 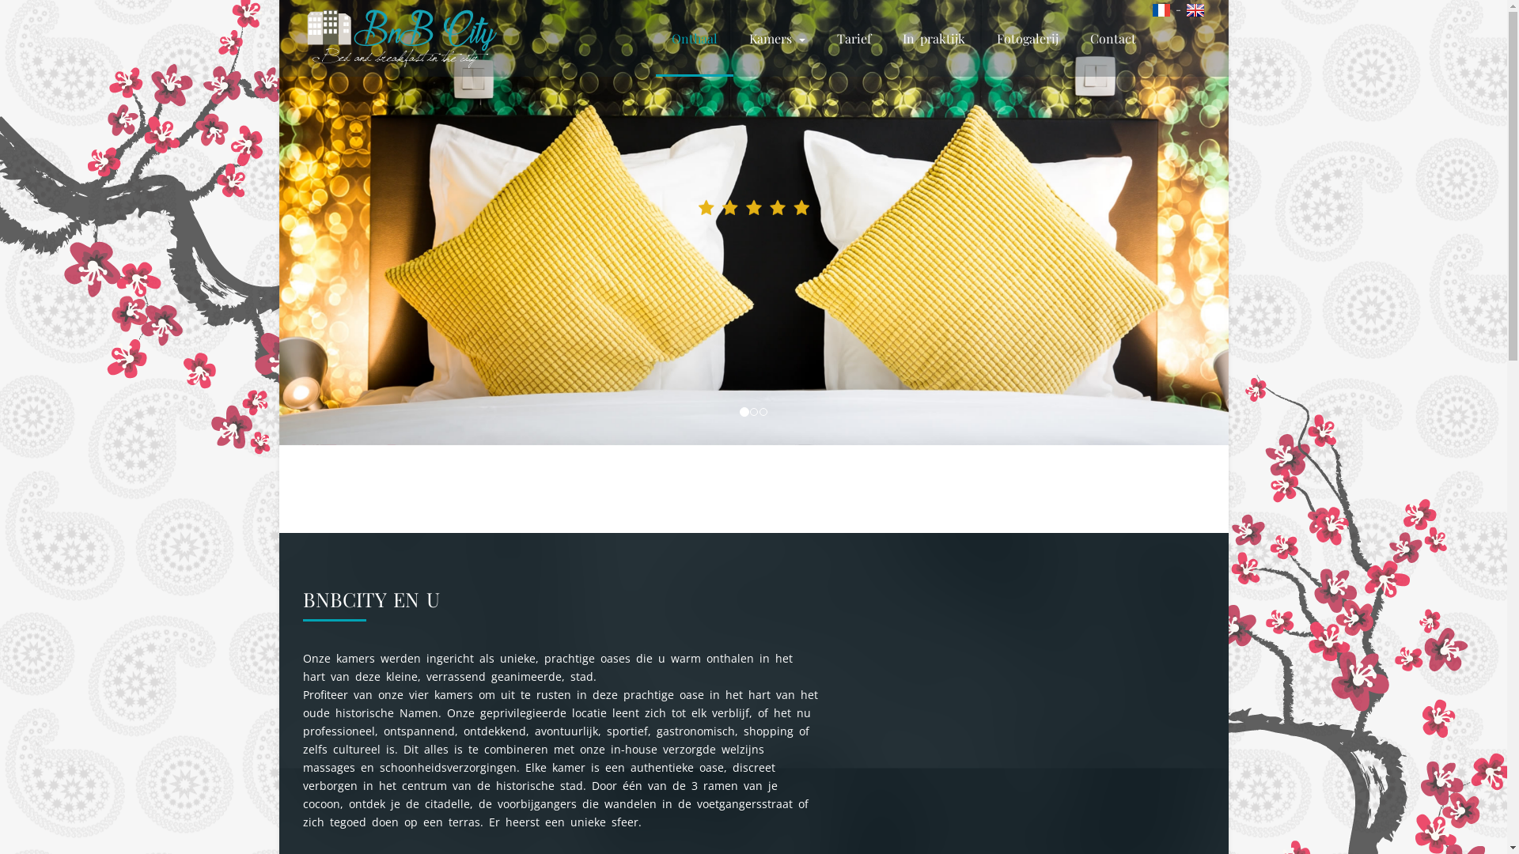 What do you see at coordinates (885, 37) in the screenshot?
I see `'In praktijk'` at bounding box center [885, 37].